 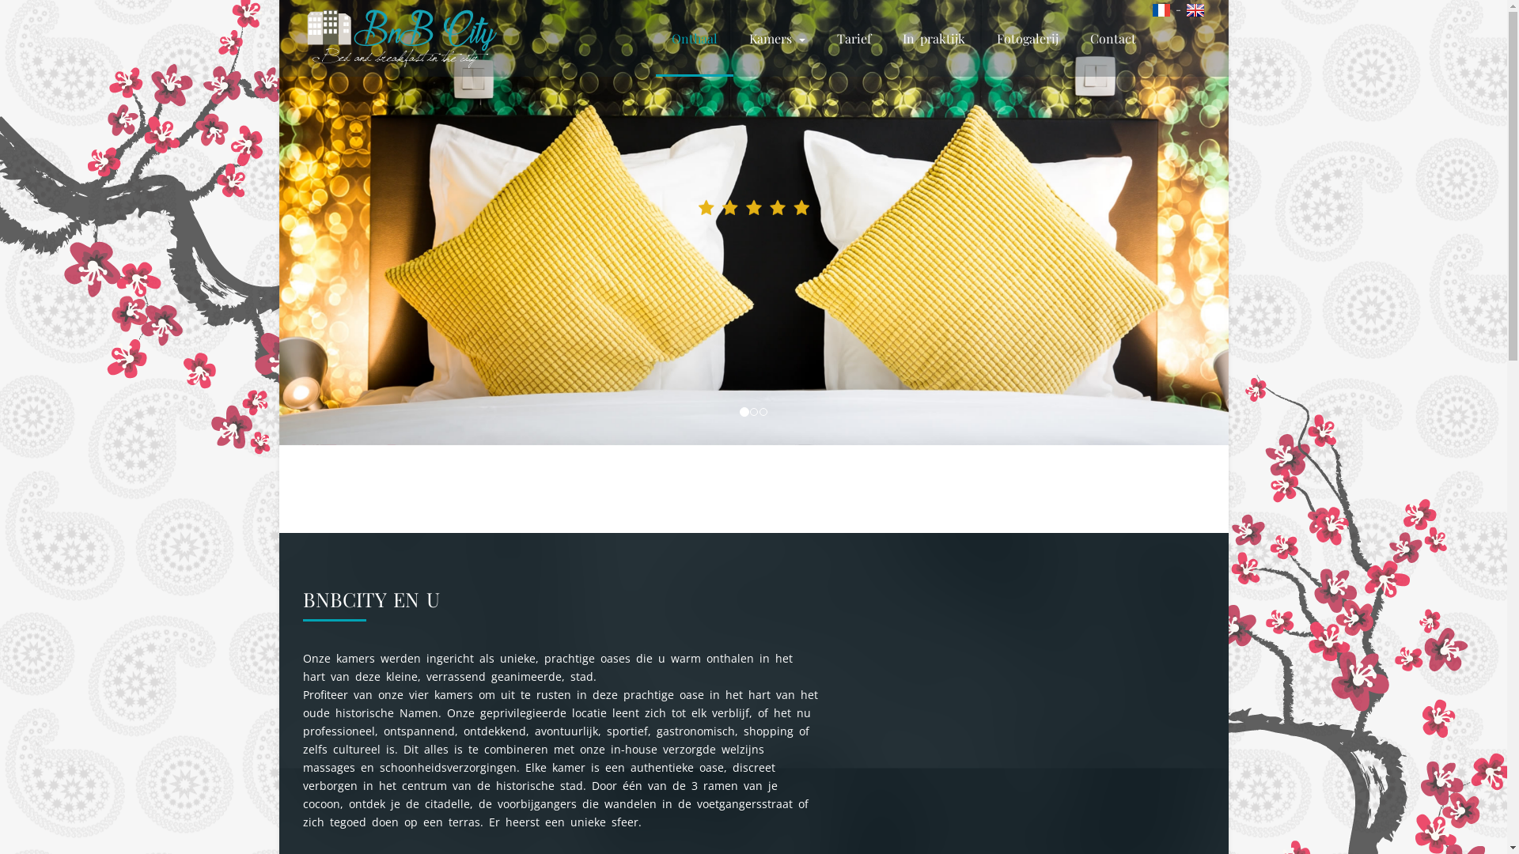 What do you see at coordinates (885, 37) in the screenshot?
I see `'In praktijk'` at bounding box center [885, 37].